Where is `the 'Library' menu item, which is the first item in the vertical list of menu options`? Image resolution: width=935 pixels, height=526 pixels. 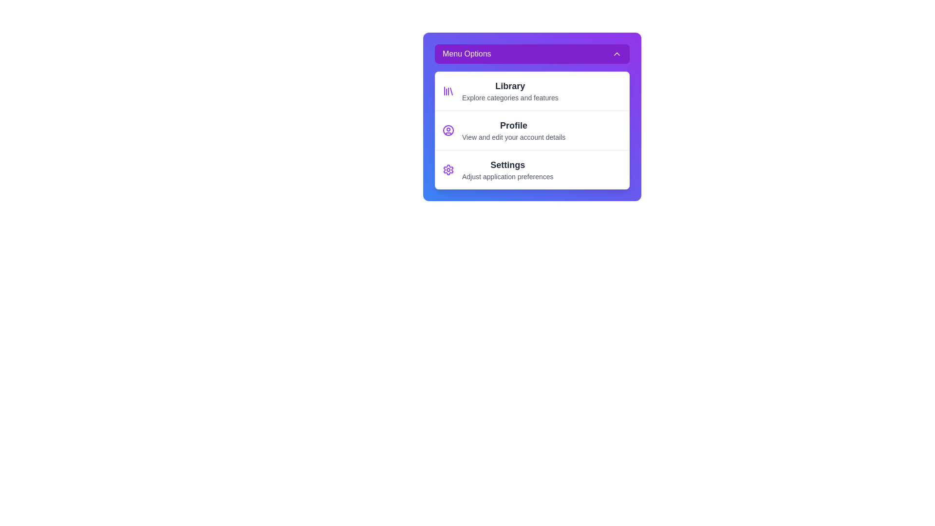
the 'Library' menu item, which is the first item in the vertical list of menu options is located at coordinates (532, 91).